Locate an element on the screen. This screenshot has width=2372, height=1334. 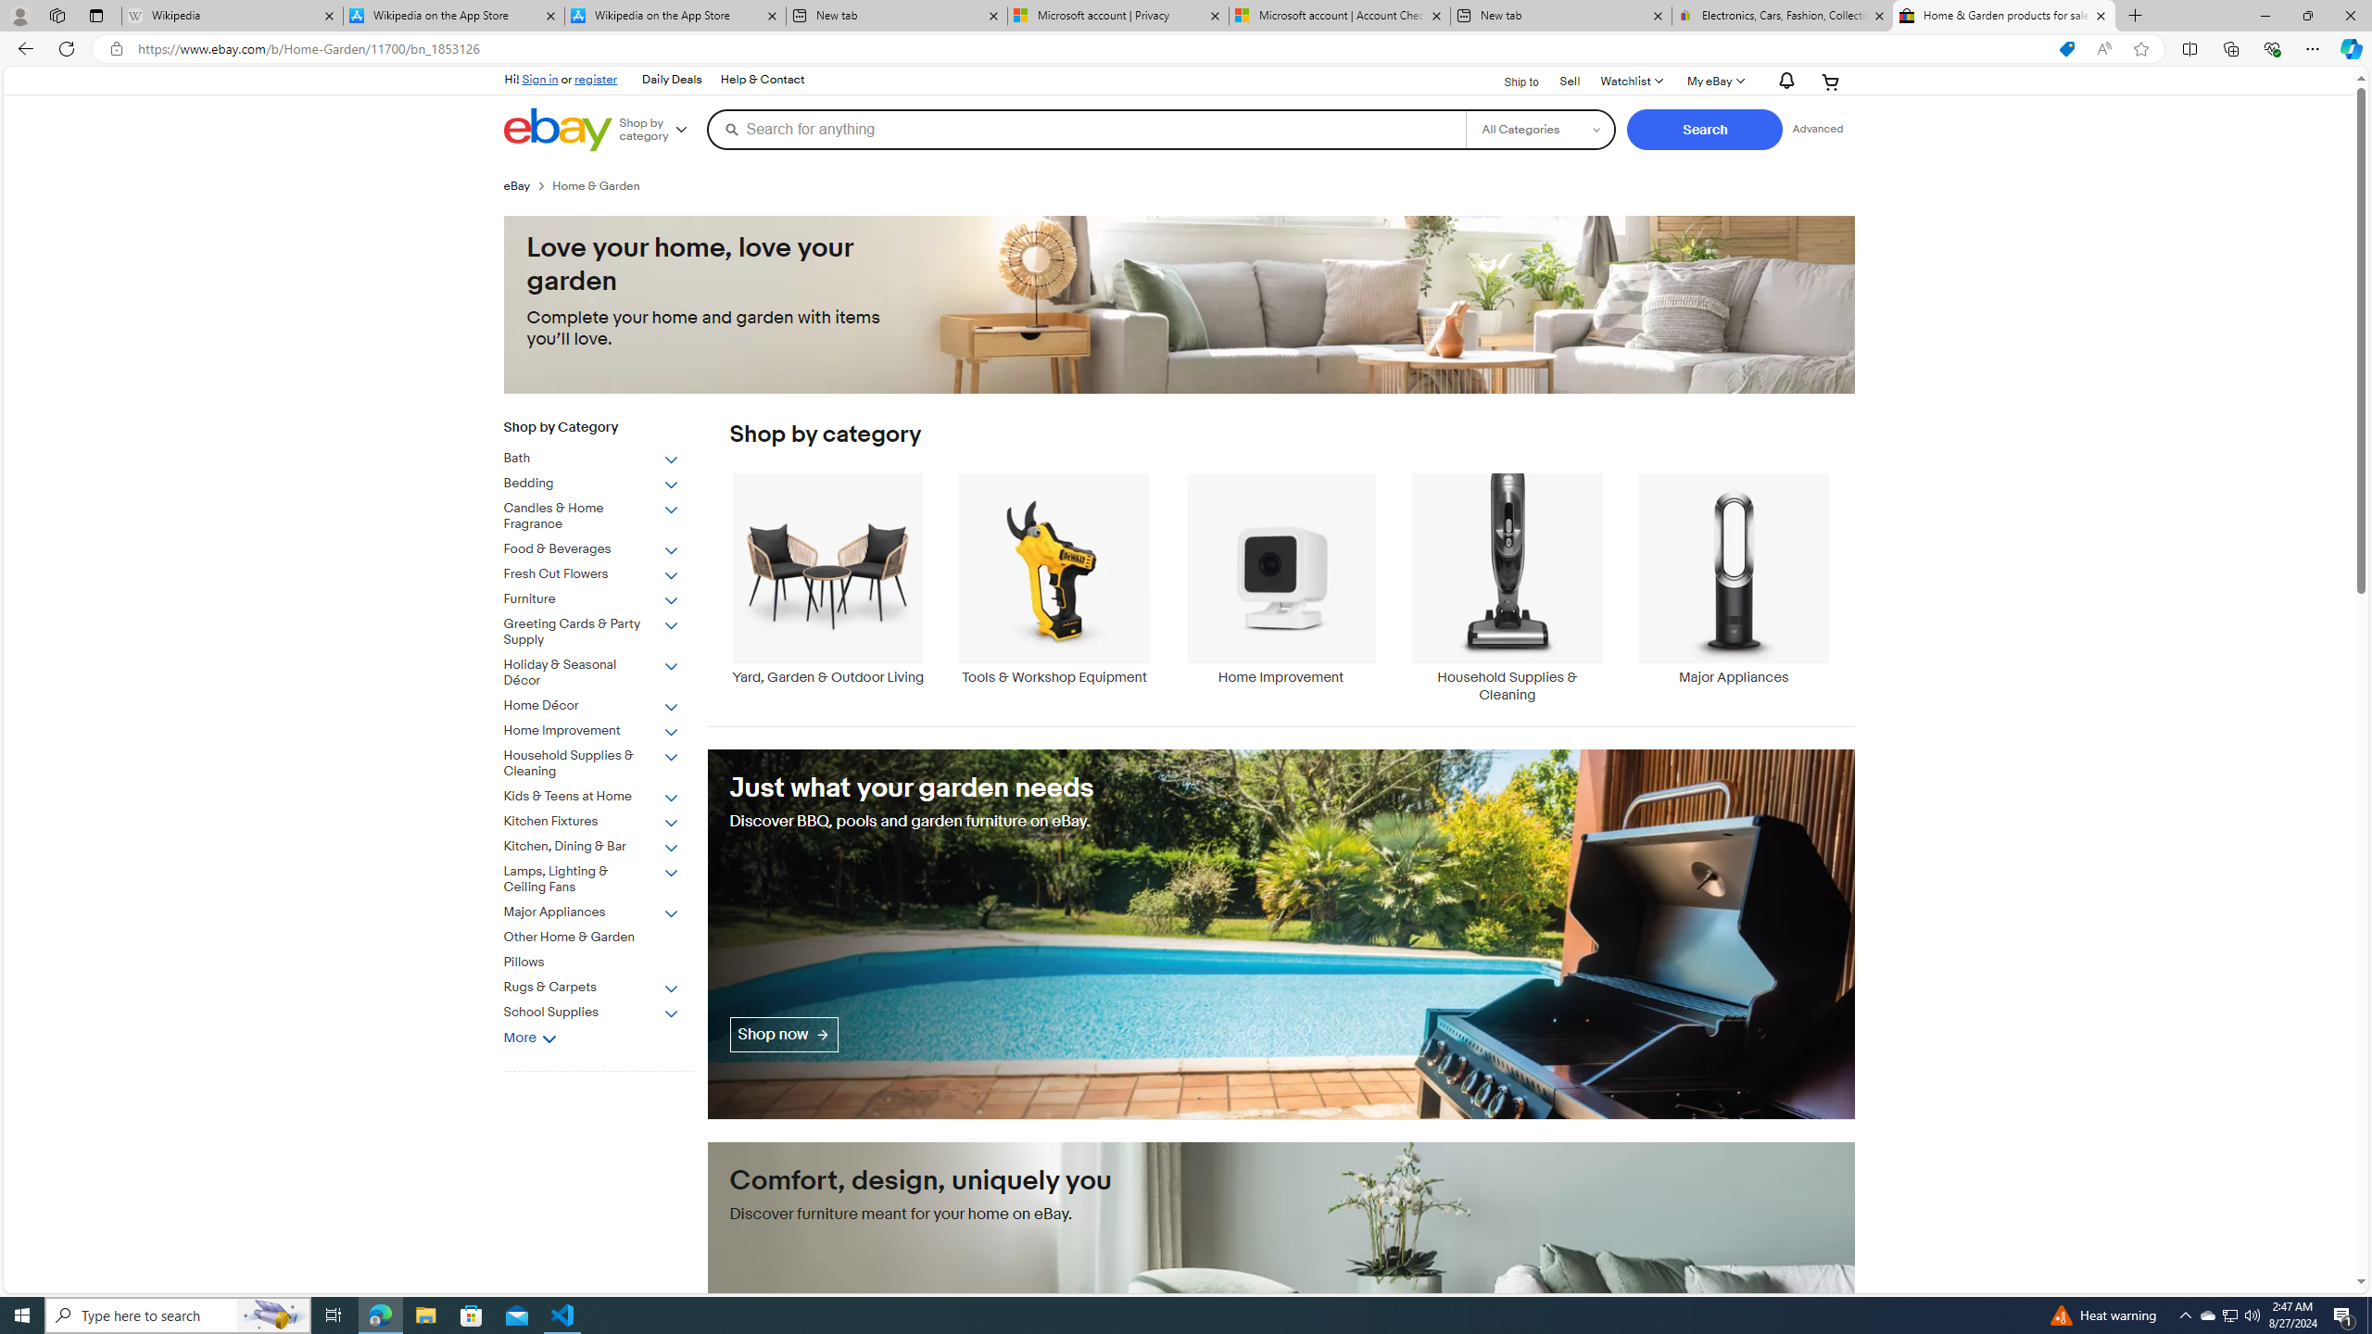
'Just what your garden needs' is located at coordinates (1280, 933).